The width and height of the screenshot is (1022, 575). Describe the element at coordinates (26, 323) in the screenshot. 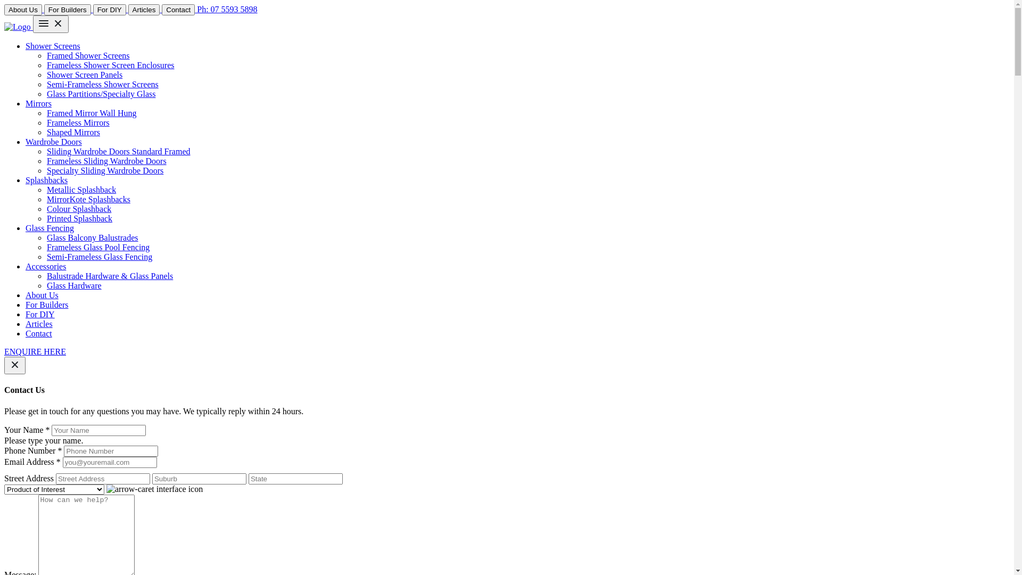

I see `'Articles'` at that location.